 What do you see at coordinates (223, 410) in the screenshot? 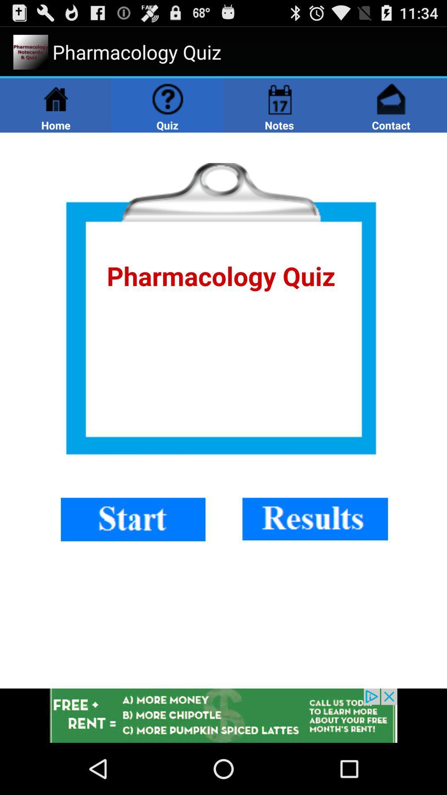
I see `app page` at bounding box center [223, 410].